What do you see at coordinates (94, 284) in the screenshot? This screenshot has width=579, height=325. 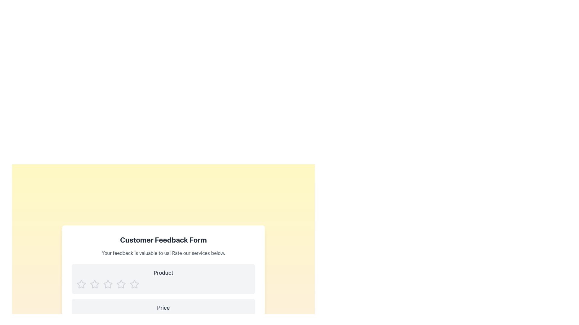 I see `the second star icon in the rating system, which is gray and symbolizes an unselected rating` at bounding box center [94, 284].